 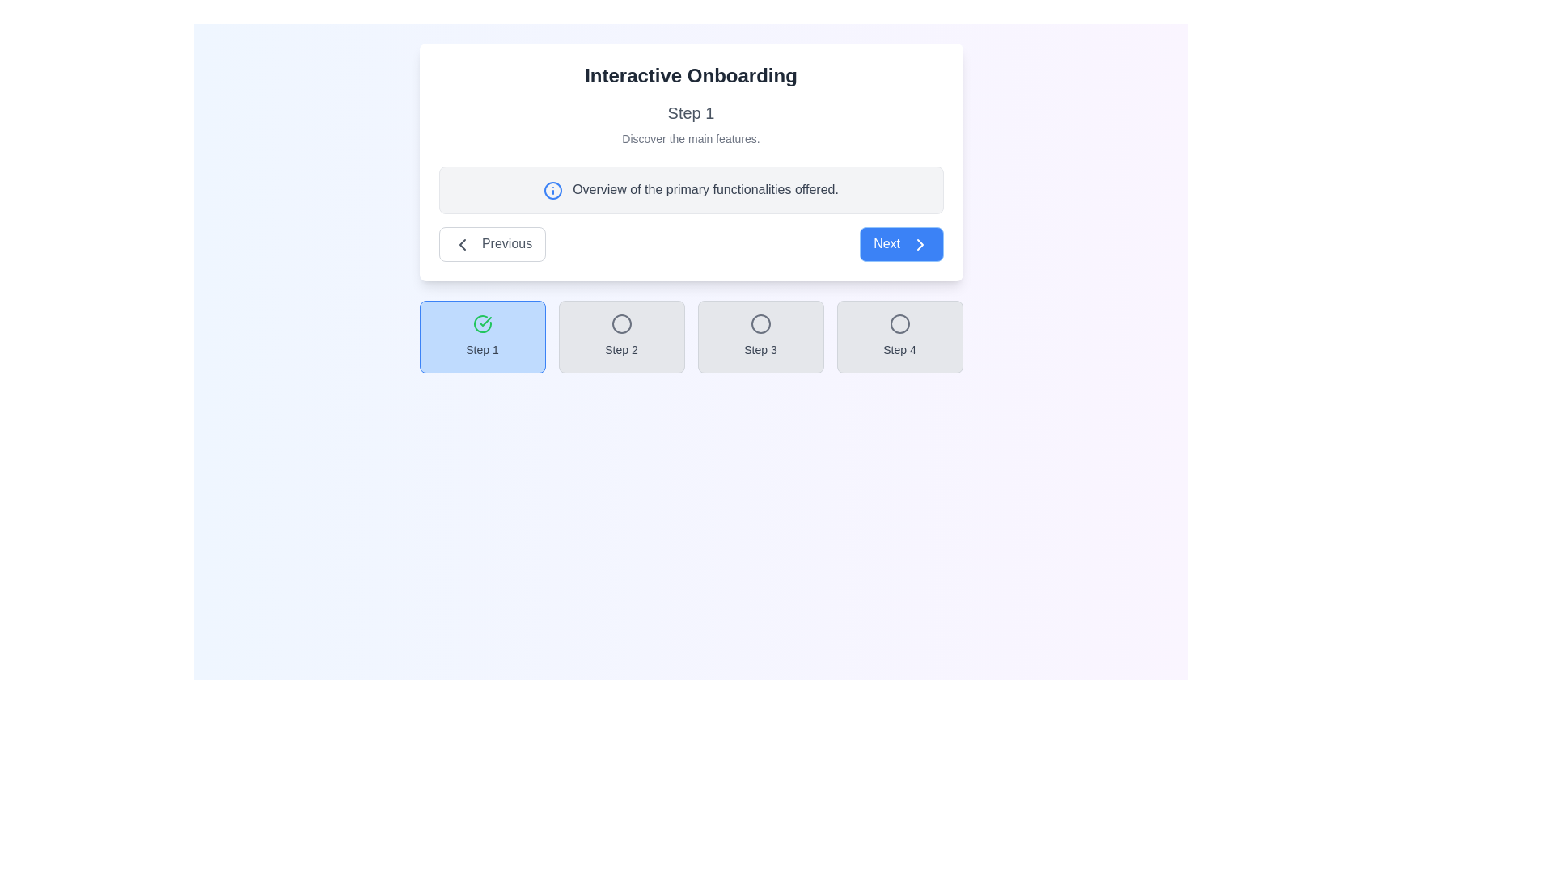 What do you see at coordinates (691, 335) in the screenshot?
I see `the Progress indicator grid items` at bounding box center [691, 335].